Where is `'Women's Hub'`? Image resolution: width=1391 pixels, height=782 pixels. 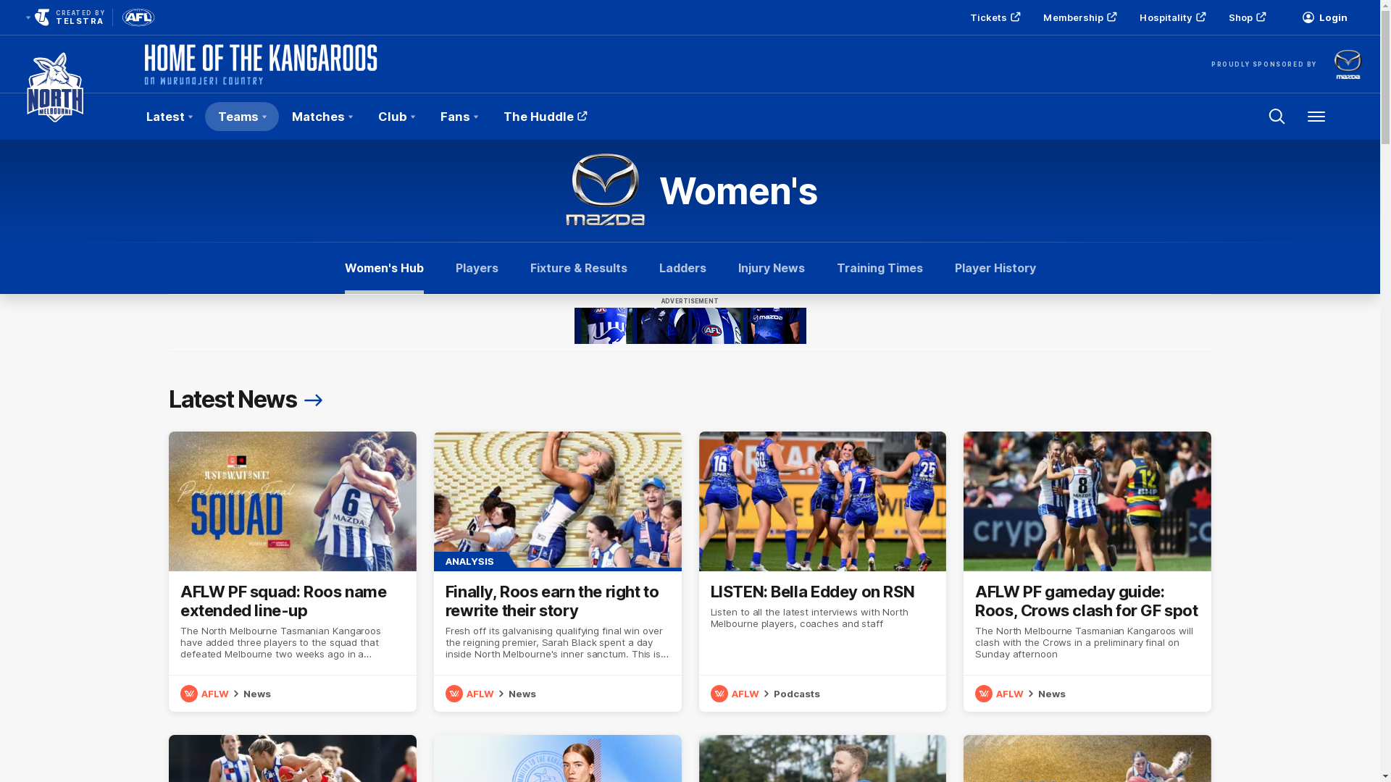 'Women's Hub' is located at coordinates (384, 268).